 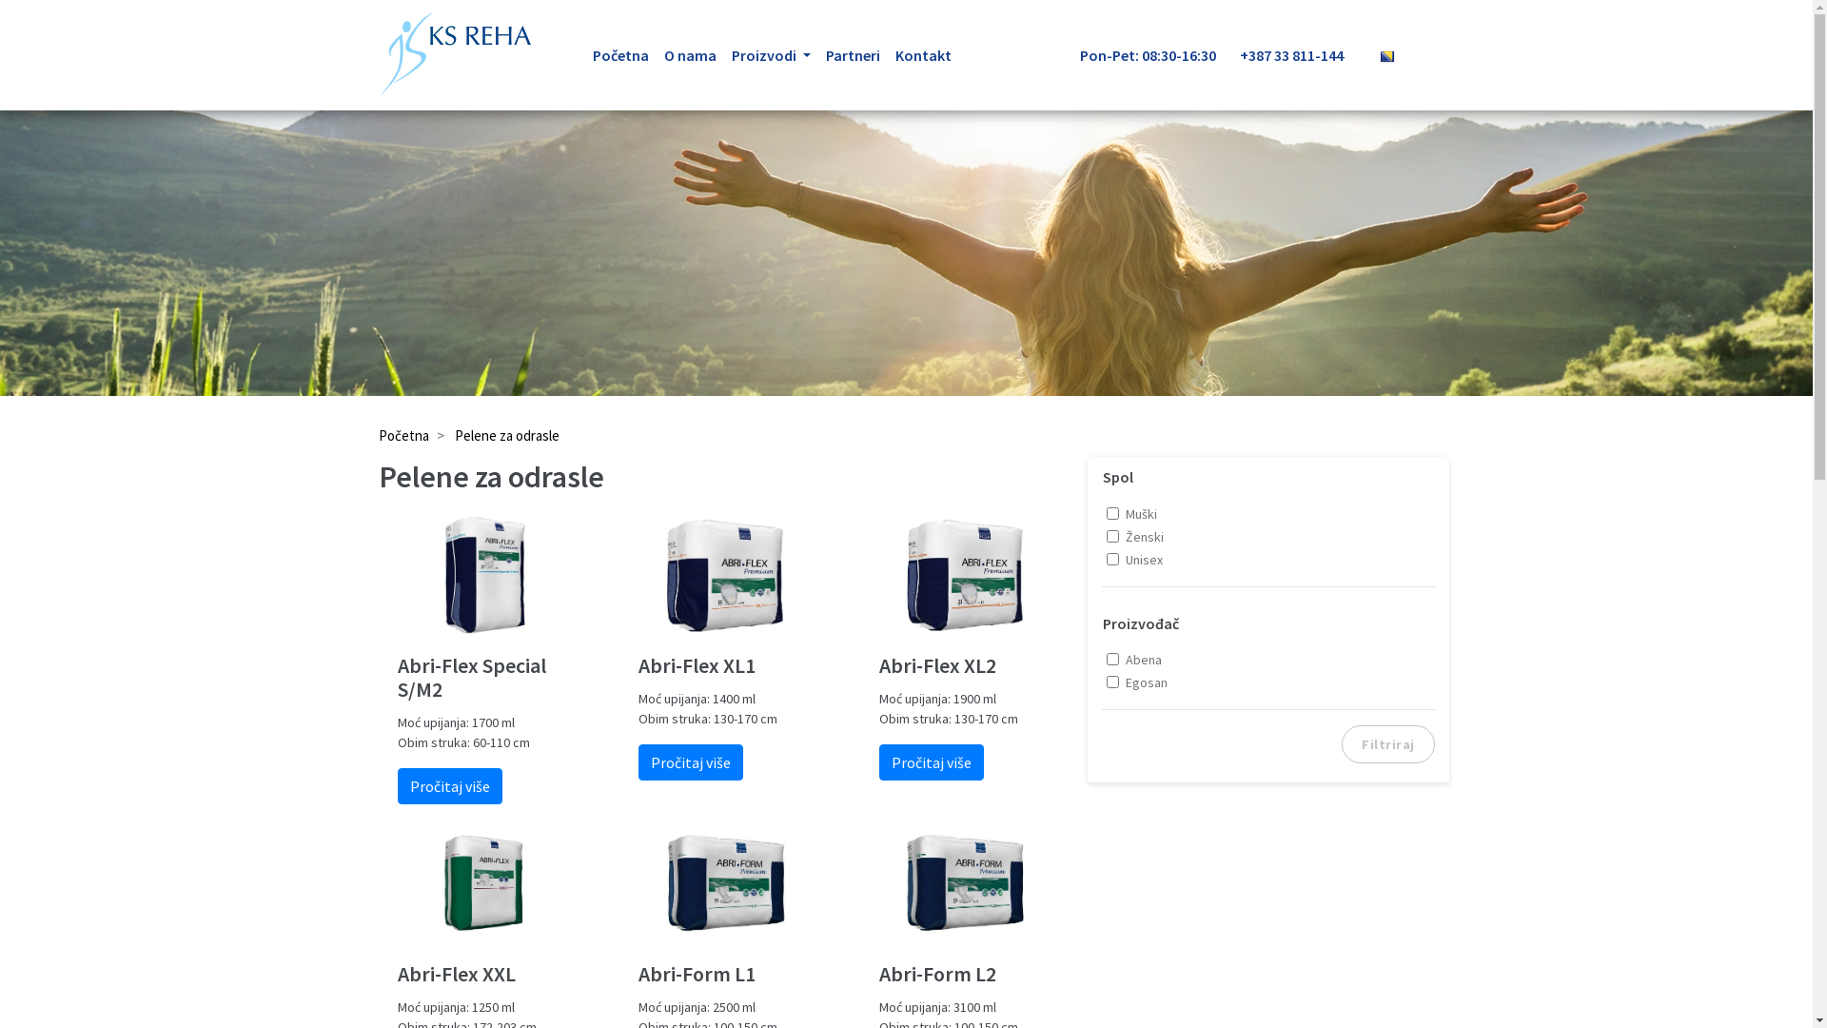 I want to click on 'Abri-Form L1', so click(x=638, y=974).